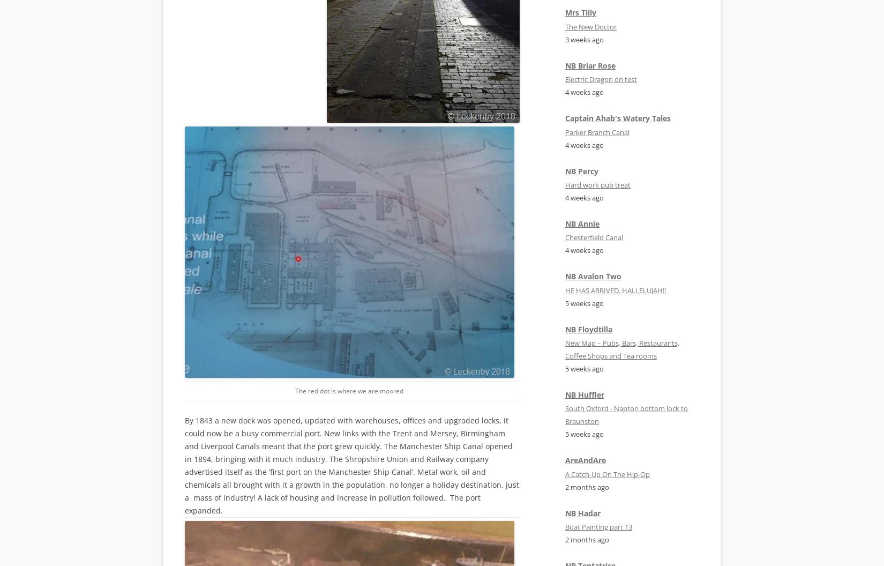  What do you see at coordinates (626, 414) in the screenshot?
I see `'South Oxford - Napton bottom lock to Braunston'` at bounding box center [626, 414].